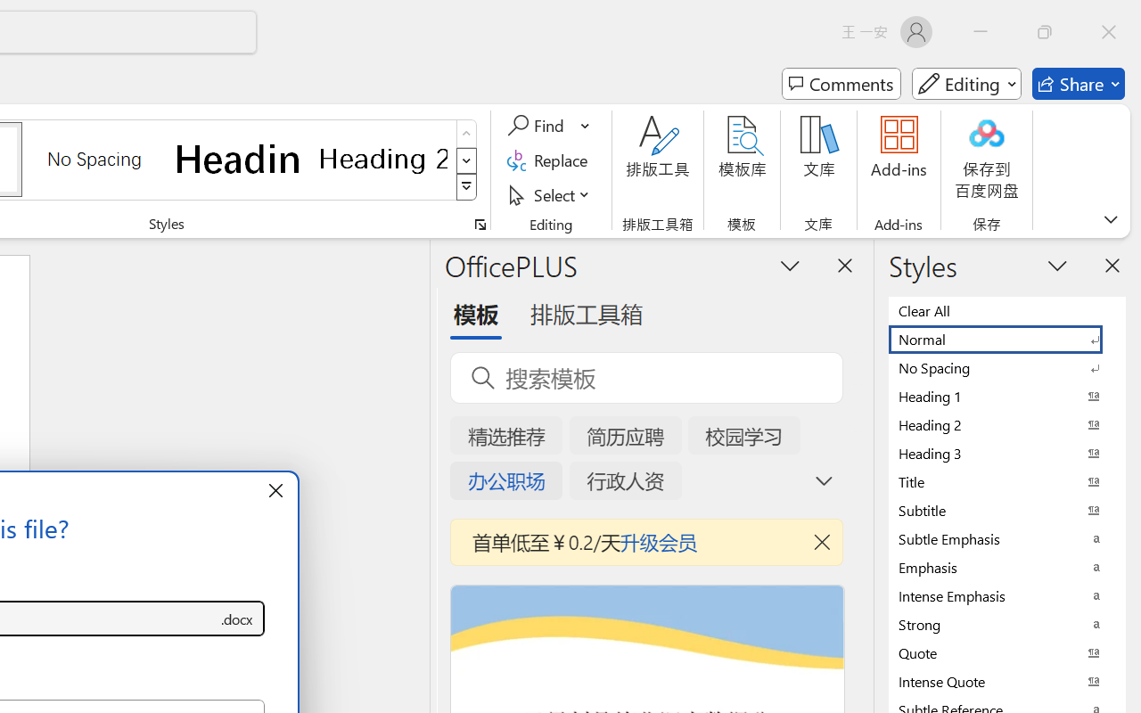 Image resolution: width=1141 pixels, height=713 pixels. What do you see at coordinates (467, 187) in the screenshot?
I see `'Class: NetUIImage'` at bounding box center [467, 187].